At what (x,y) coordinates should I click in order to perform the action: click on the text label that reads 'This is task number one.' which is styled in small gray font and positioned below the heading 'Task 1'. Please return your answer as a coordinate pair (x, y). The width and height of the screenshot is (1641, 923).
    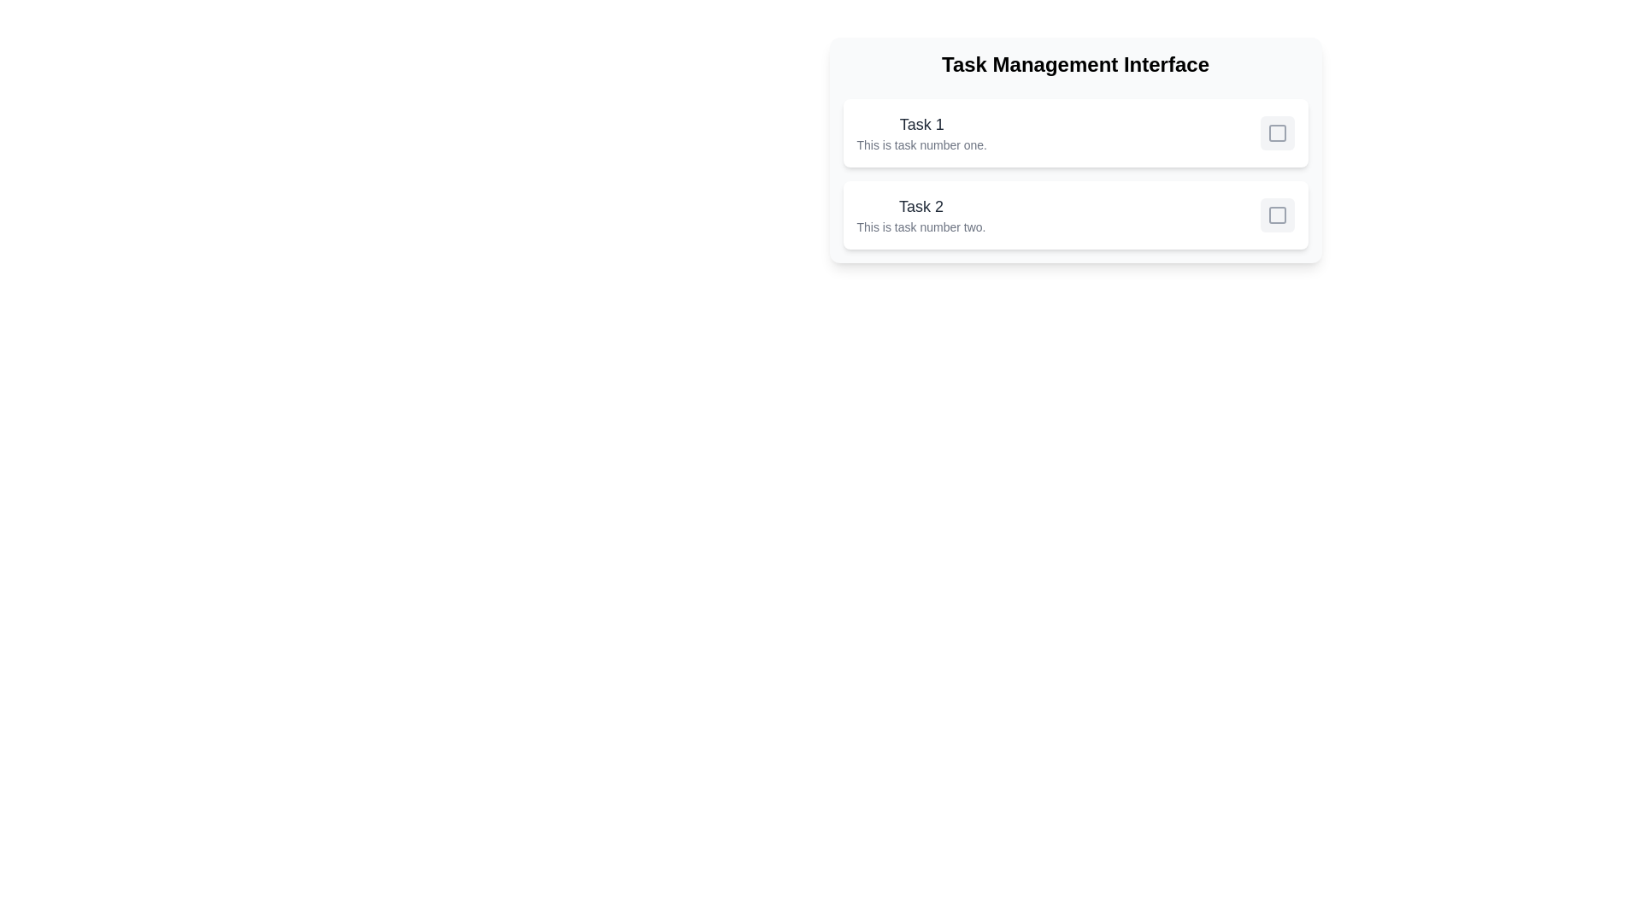
    Looking at the image, I should click on (920, 144).